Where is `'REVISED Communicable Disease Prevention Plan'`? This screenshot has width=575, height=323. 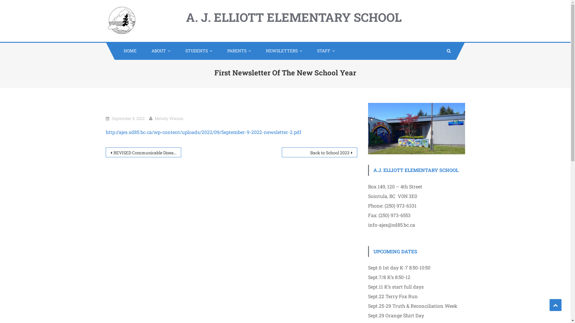 'REVISED Communicable Disease Prevention Plan' is located at coordinates (105, 152).